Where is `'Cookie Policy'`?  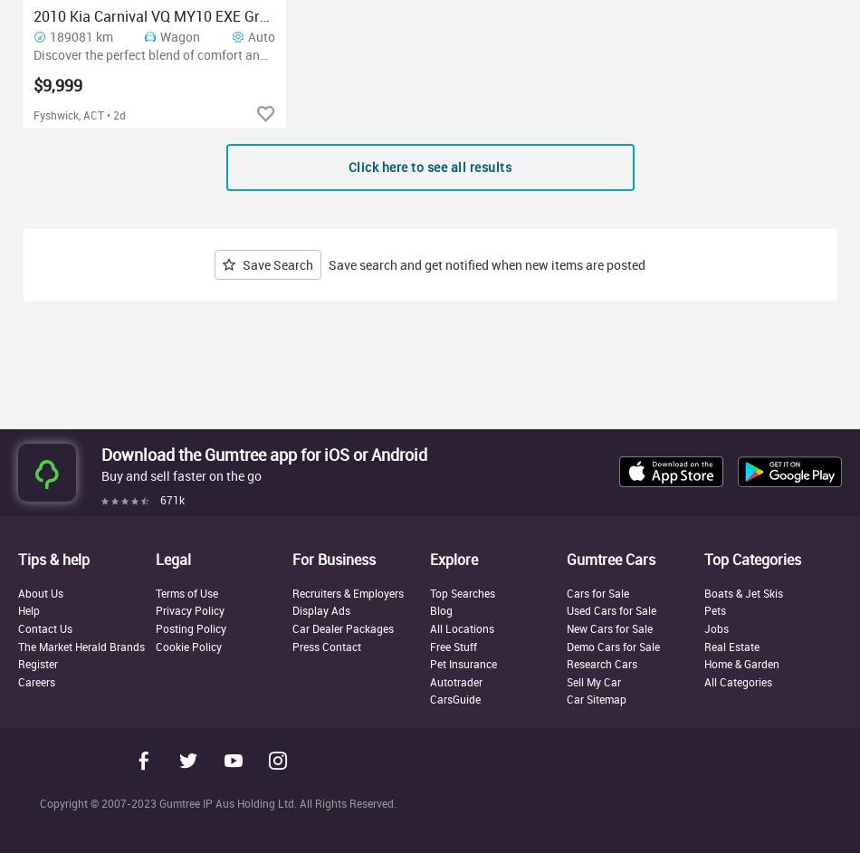
'Cookie Policy' is located at coordinates (187, 644).